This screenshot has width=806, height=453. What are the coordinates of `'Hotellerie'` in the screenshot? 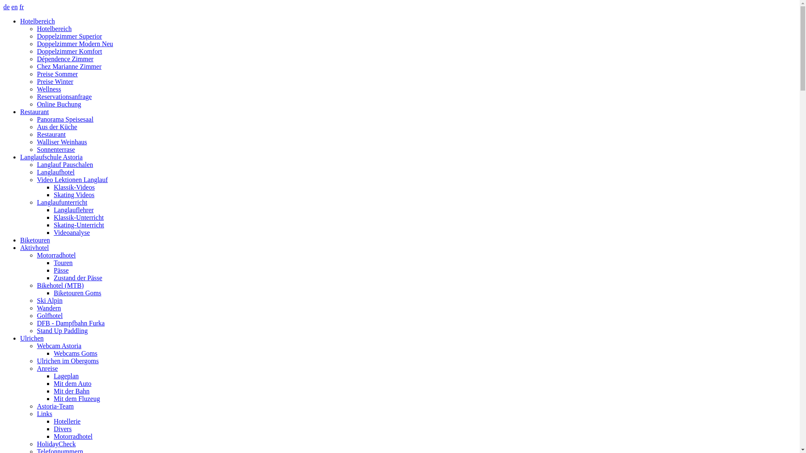 It's located at (53, 421).